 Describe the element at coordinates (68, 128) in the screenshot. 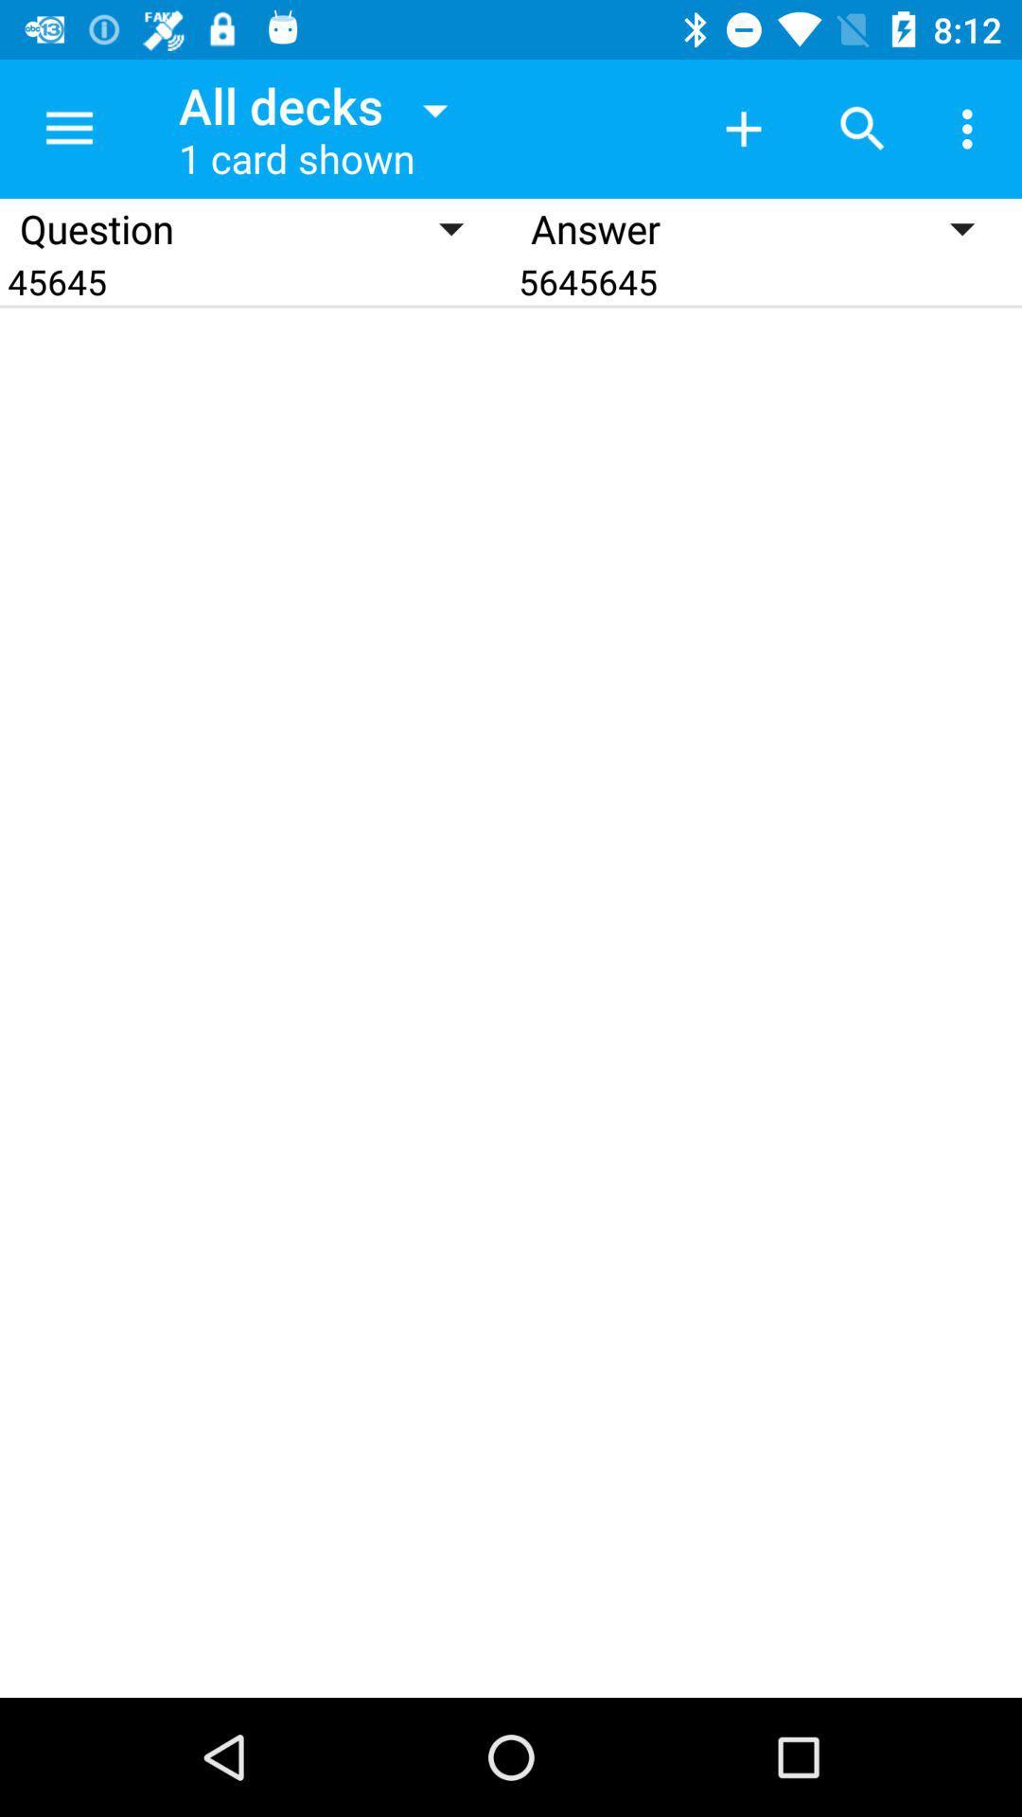

I see `item above the question item` at that location.